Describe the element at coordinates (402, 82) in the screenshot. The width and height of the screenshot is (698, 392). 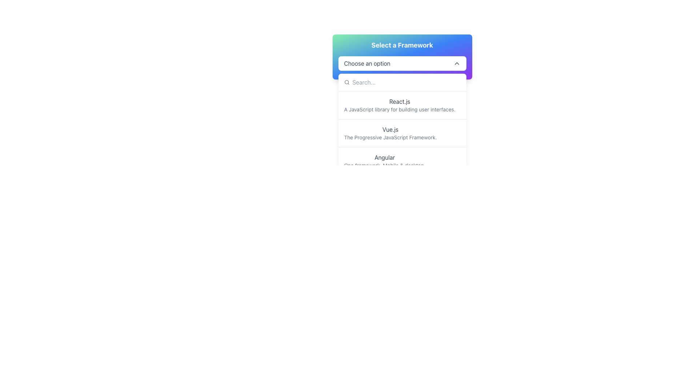
I see `the input field of the Search bar, which is located below the 'Select a Framework' dropdown, to focus and start typing` at that location.